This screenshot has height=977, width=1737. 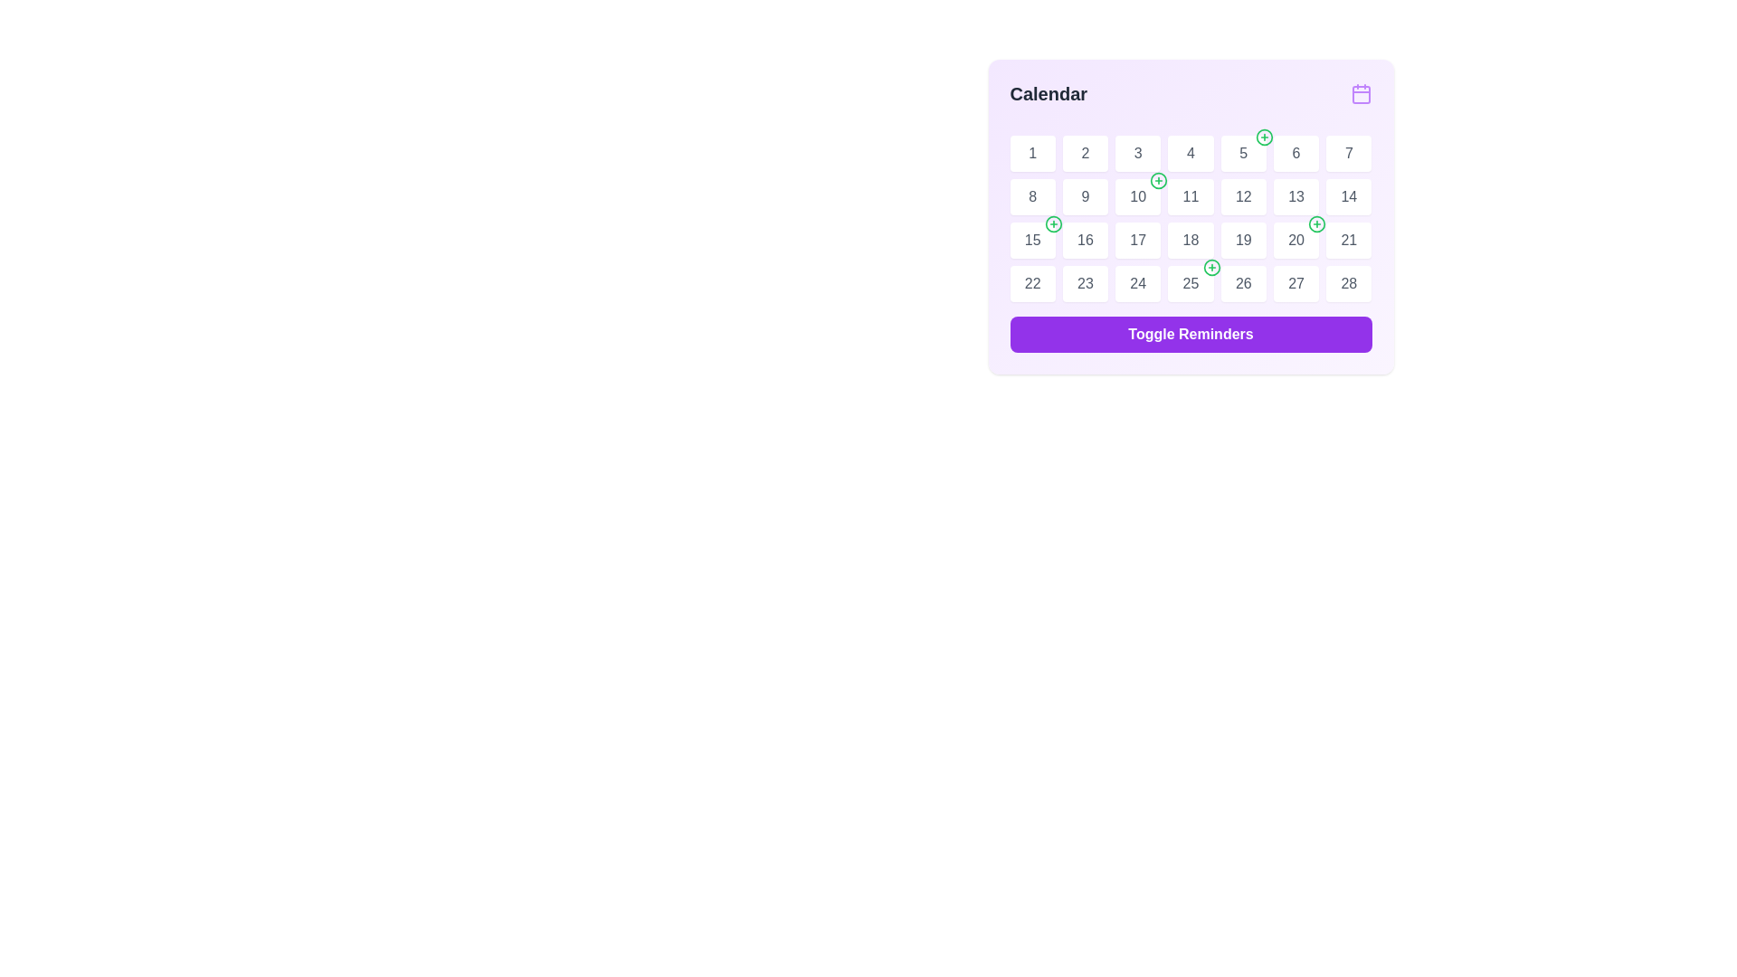 I want to click on the static text element representing the date '14' in the calendar, so click(x=1349, y=195).